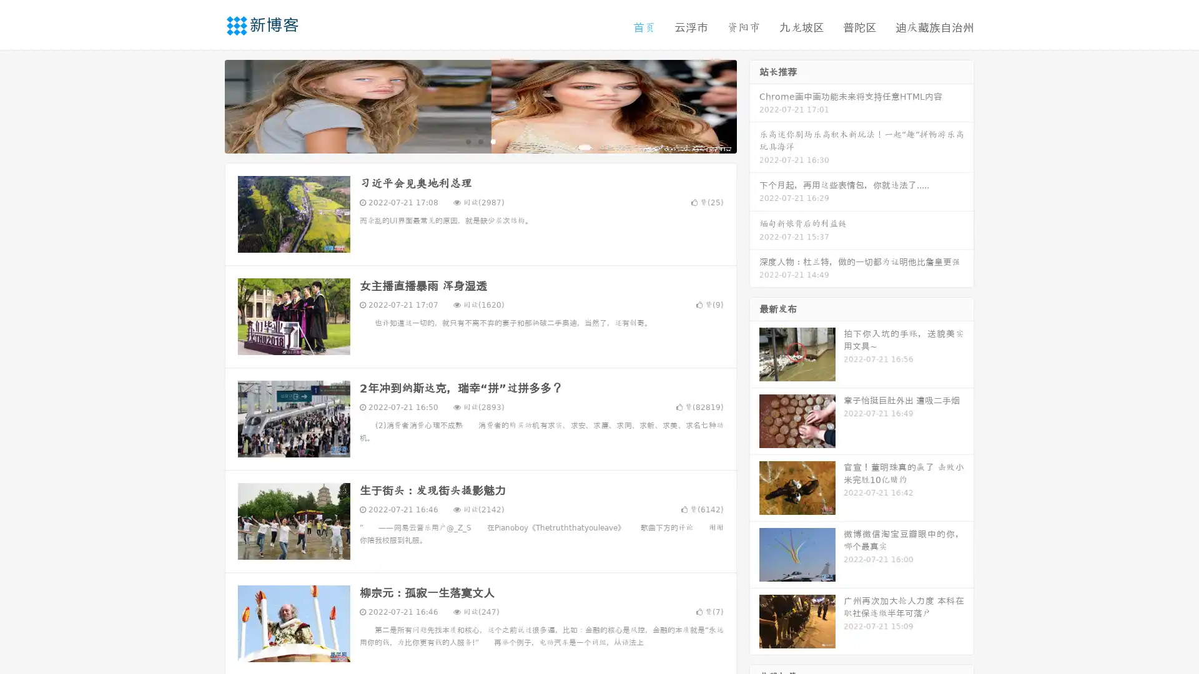 This screenshot has height=674, width=1199. I want to click on Previous slide, so click(206, 105).